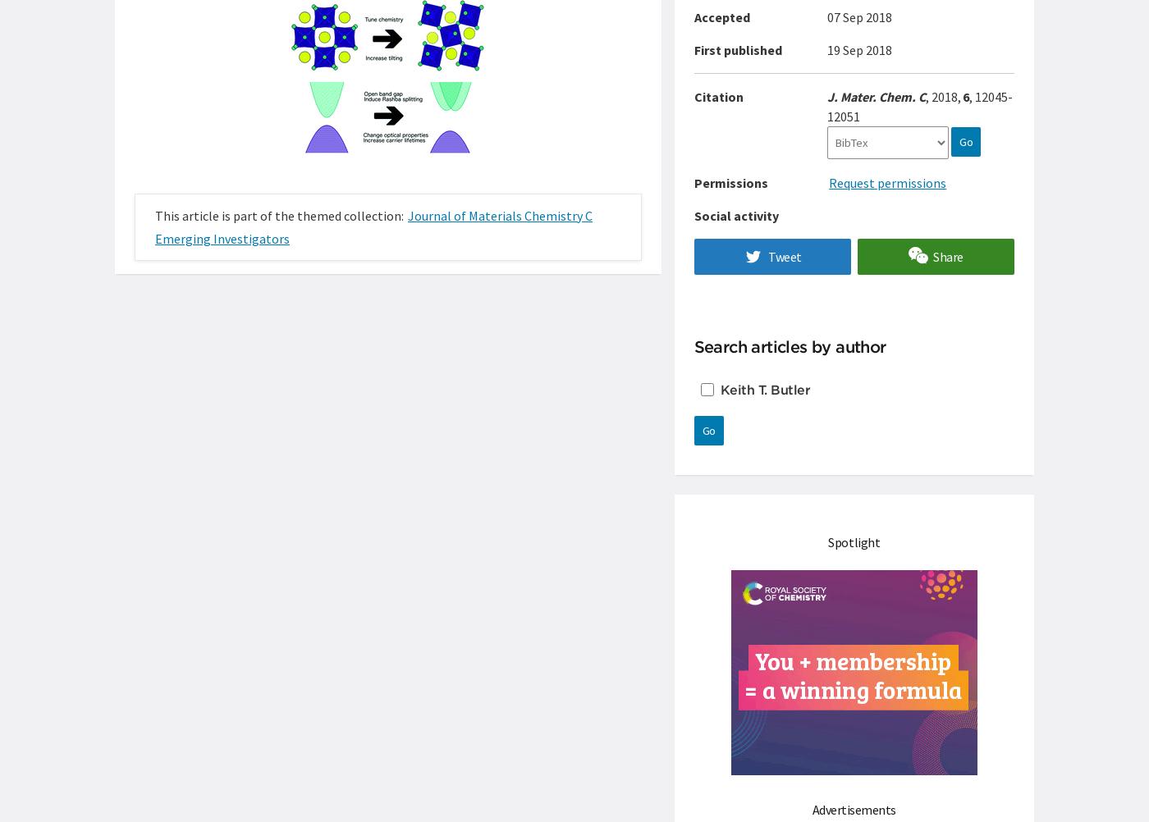 The width and height of the screenshot is (1149, 822). What do you see at coordinates (785, 256) in the screenshot?
I see `'Tweet'` at bounding box center [785, 256].